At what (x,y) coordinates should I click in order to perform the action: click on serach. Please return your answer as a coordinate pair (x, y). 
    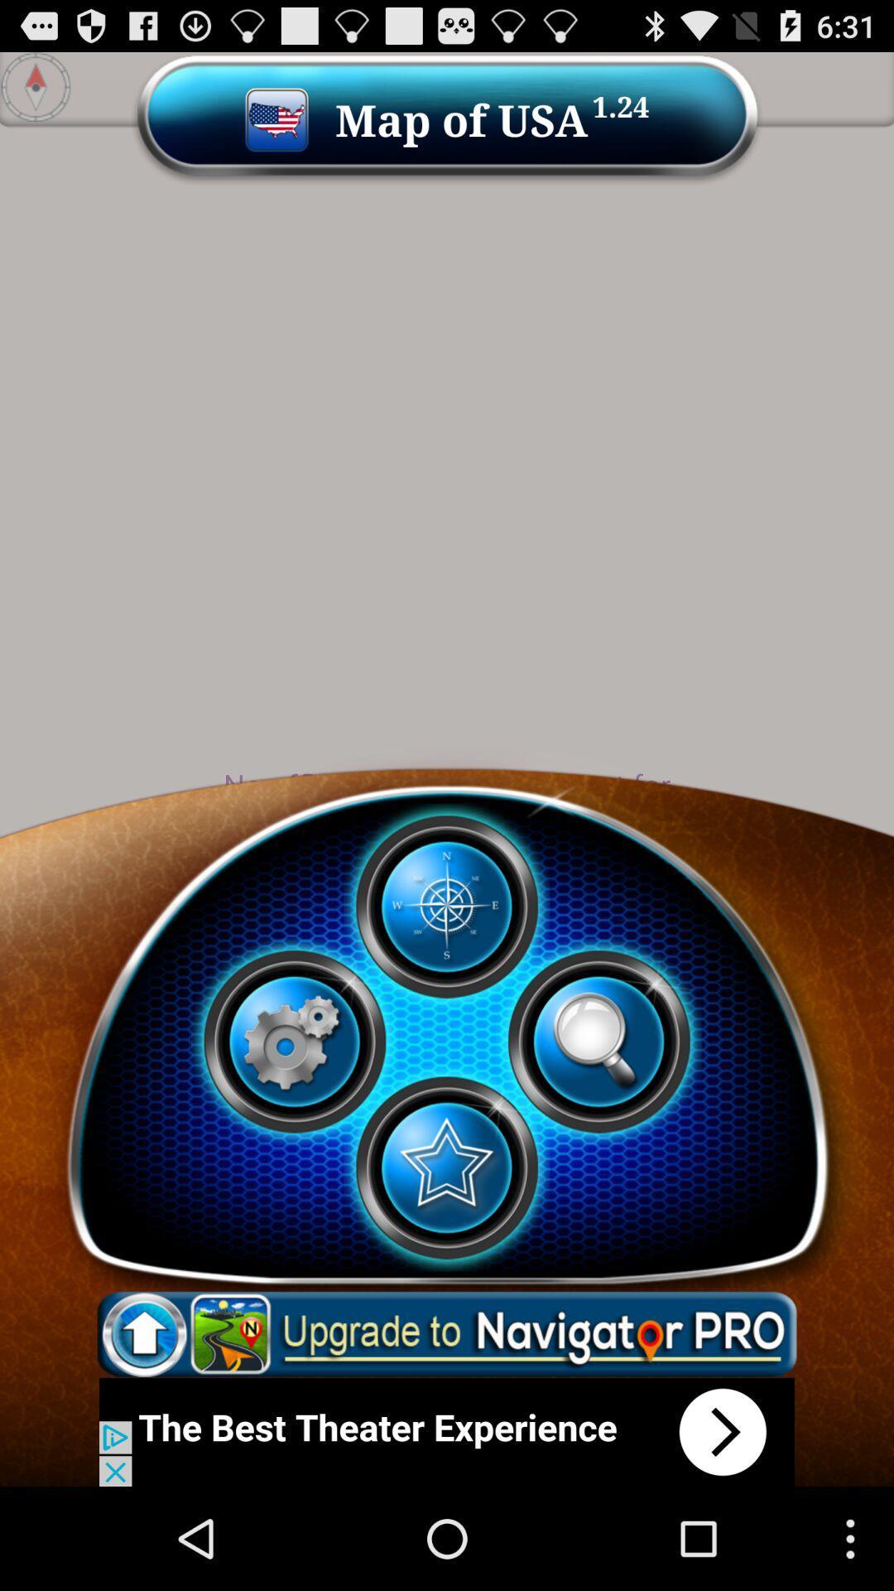
    Looking at the image, I should click on (598, 1041).